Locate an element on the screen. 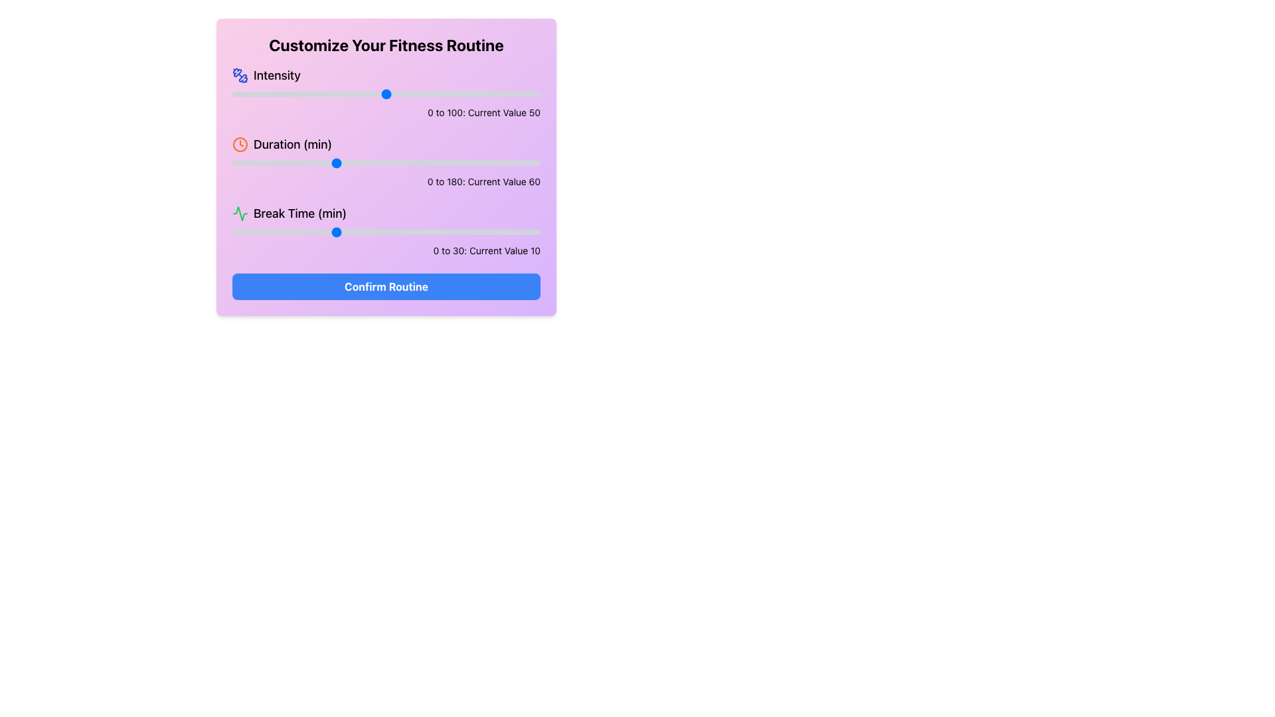 This screenshot has height=717, width=1275. the intensity is located at coordinates (321, 94).